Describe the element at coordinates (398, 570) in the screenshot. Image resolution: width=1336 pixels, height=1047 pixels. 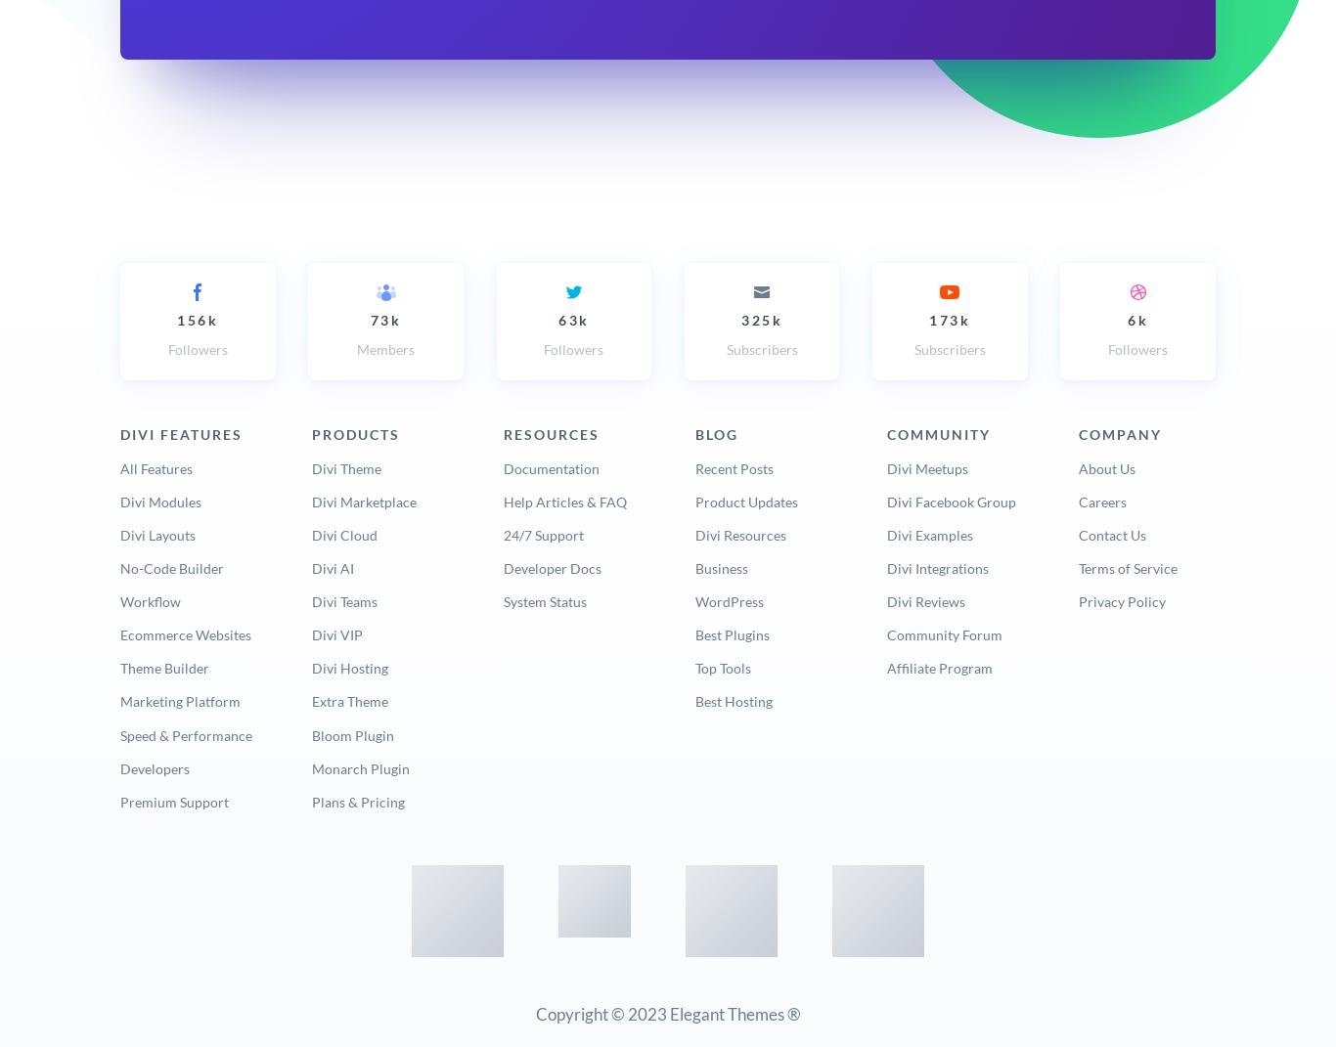
I see `'Brand New!'` at that location.